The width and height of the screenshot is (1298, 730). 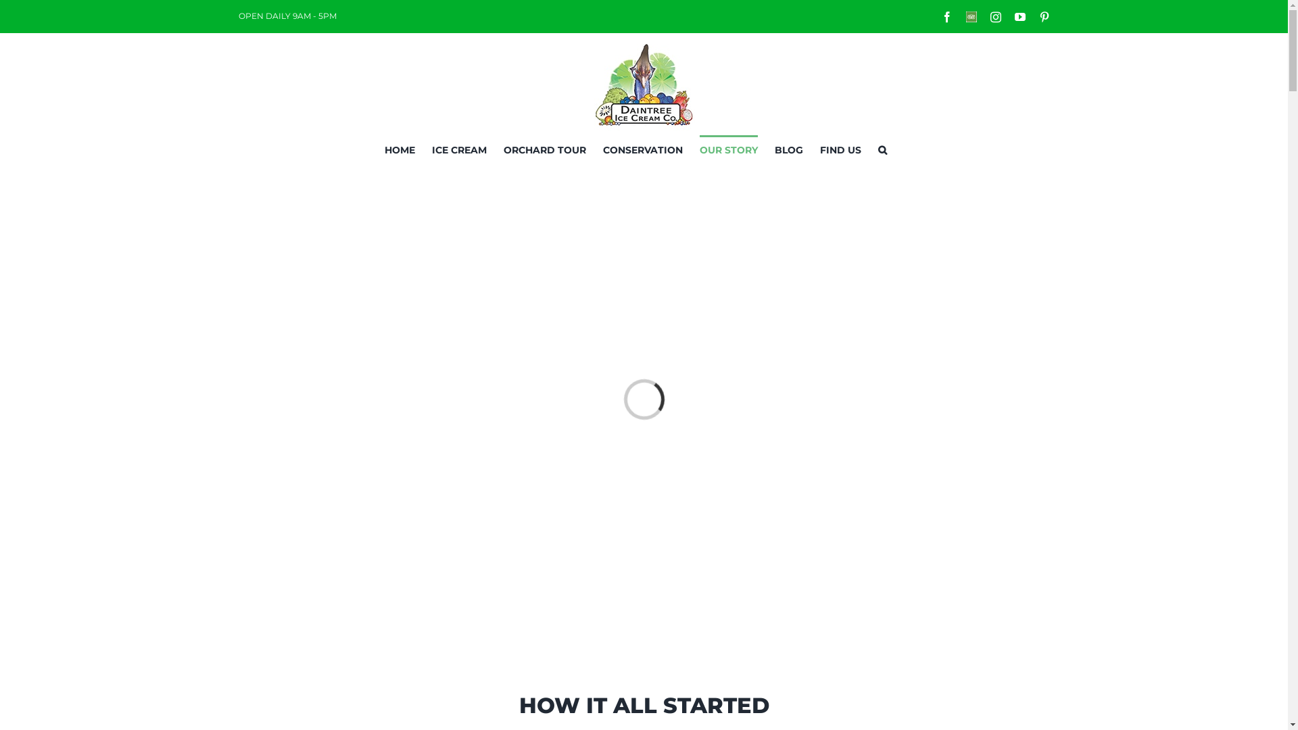 What do you see at coordinates (882, 148) in the screenshot?
I see `'Search'` at bounding box center [882, 148].